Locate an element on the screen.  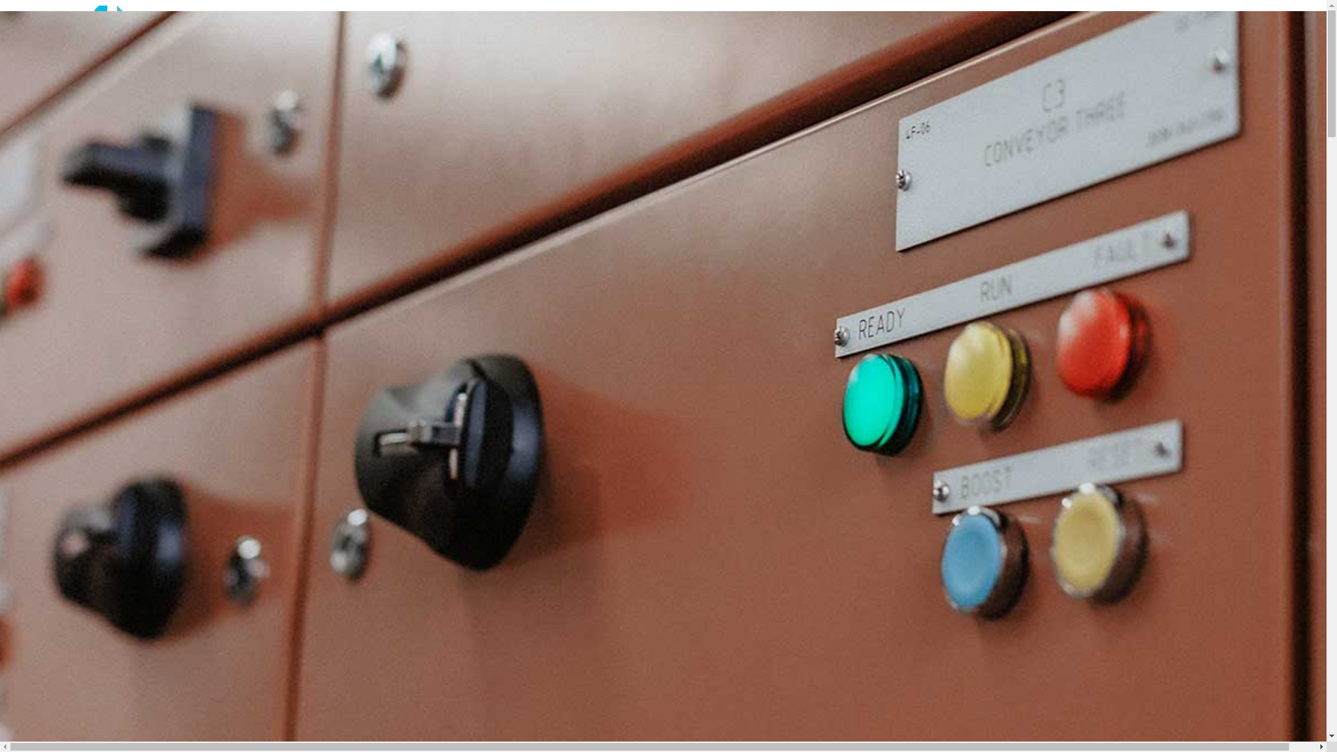
'Skip to main content' is located at coordinates (5, 5).